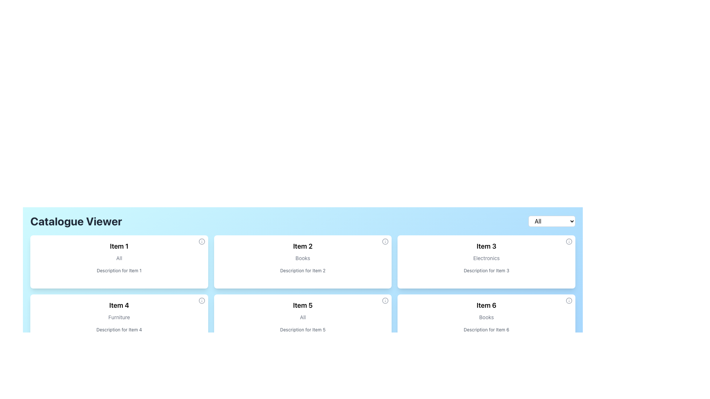  I want to click on the card labeled 'Item 6' in the bottom row of the grid, so click(486, 320).